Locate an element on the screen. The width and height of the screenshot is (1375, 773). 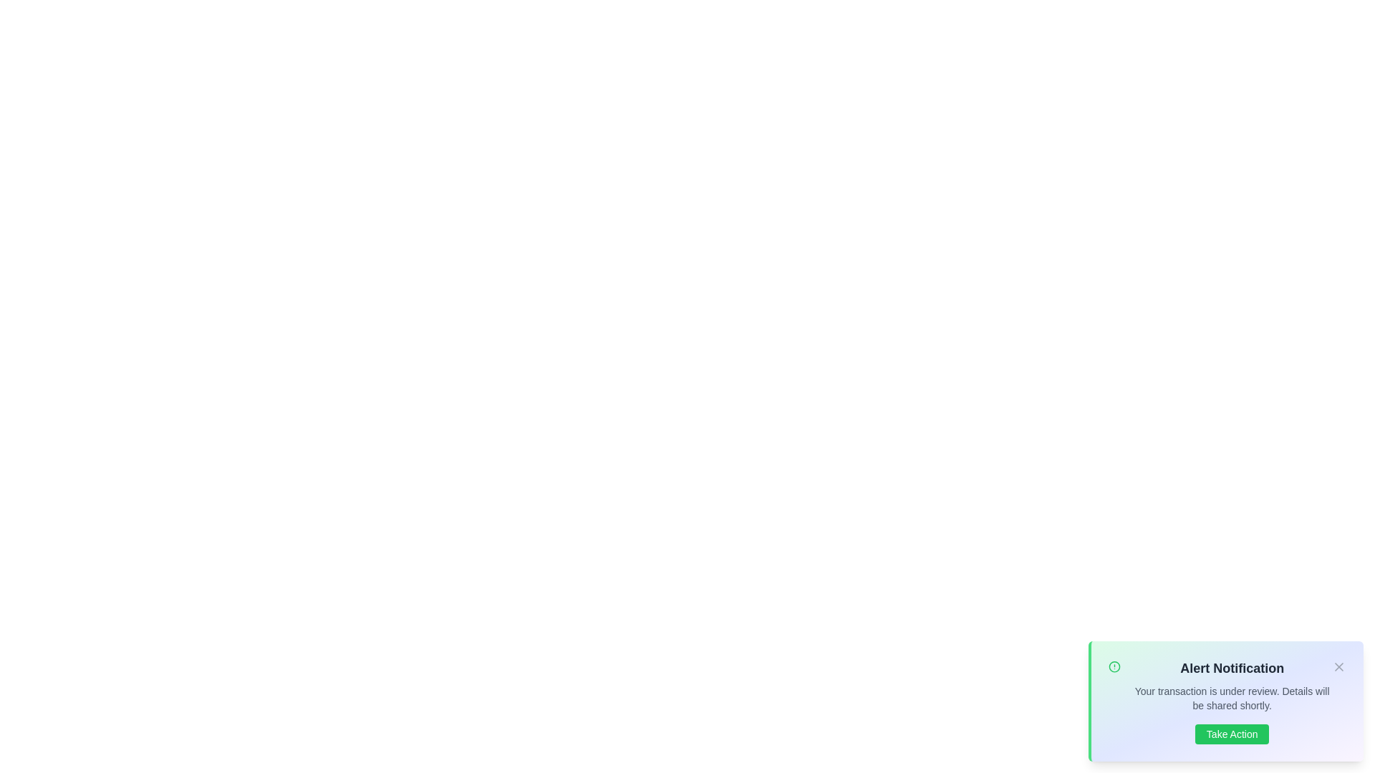
the 'Take Action' button to execute the described action is located at coordinates (1231, 734).